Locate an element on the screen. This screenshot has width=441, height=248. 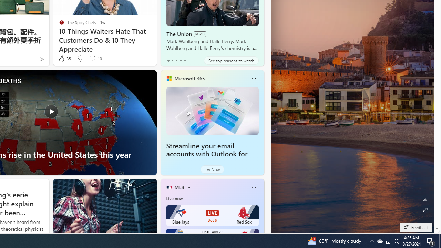
'See top reasons to watch' is located at coordinates (231, 60).